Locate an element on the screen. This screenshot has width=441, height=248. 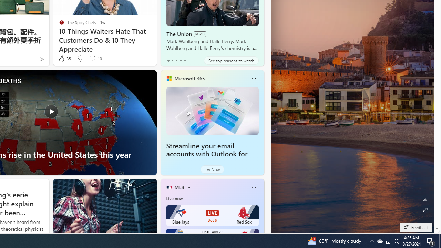
'See top reasons to watch' is located at coordinates (231, 60).